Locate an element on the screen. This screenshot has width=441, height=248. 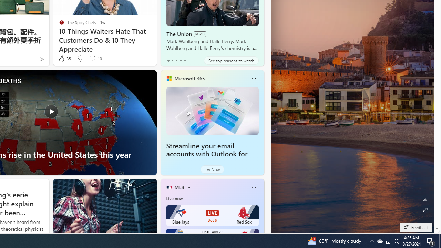
'See top reasons to watch' is located at coordinates (231, 60).